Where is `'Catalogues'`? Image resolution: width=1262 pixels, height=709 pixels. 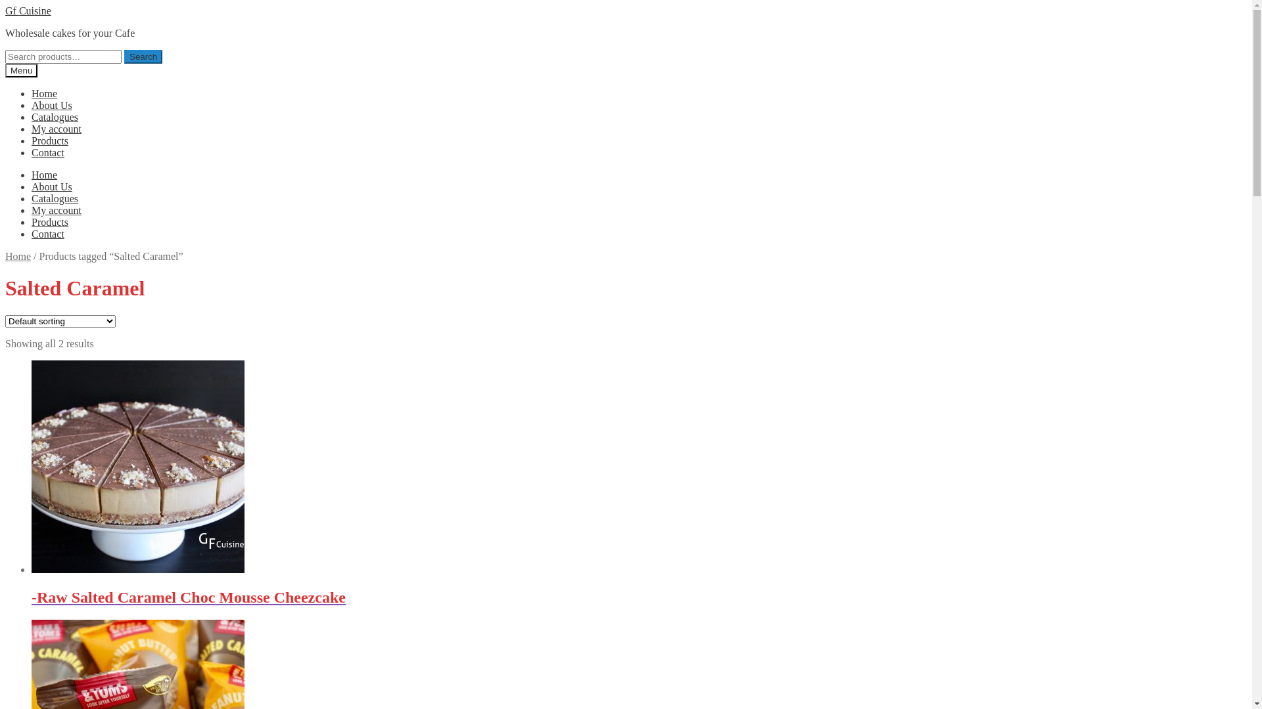
'Catalogues' is located at coordinates (54, 198).